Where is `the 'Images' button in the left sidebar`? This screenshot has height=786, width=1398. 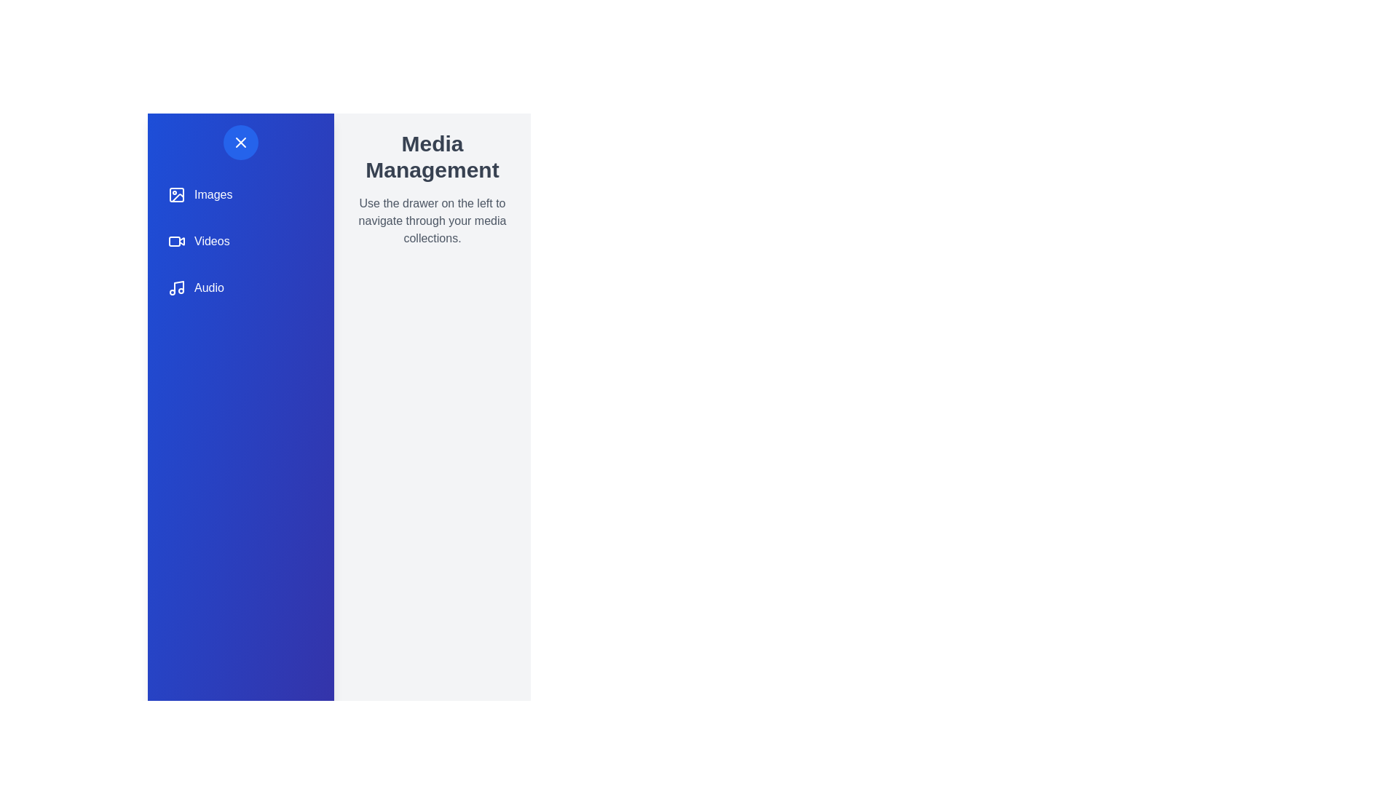 the 'Images' button in the left sidebar is located at coordinates (200, 194).